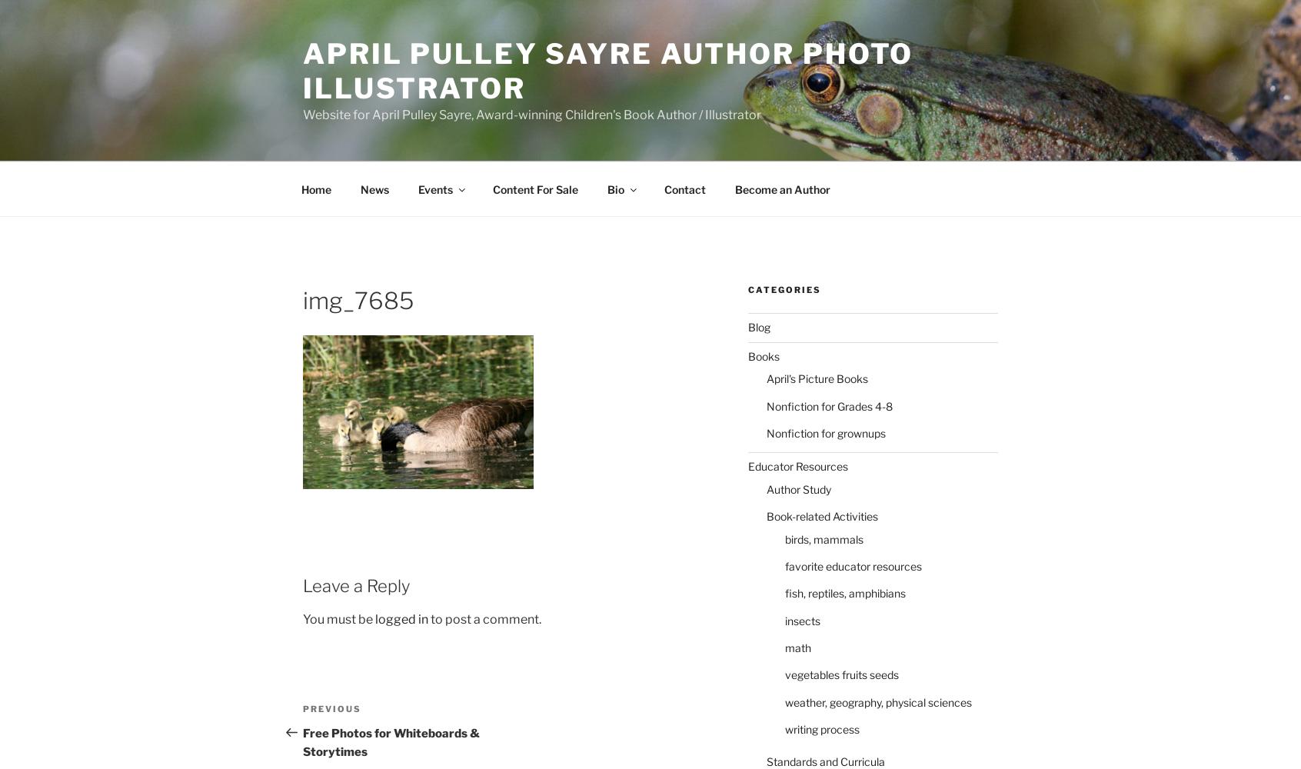  What do you see at coordinates (825, 760) in the screenshot?
I see `'Standards and Curricula'` at bounding box center [825, 760].